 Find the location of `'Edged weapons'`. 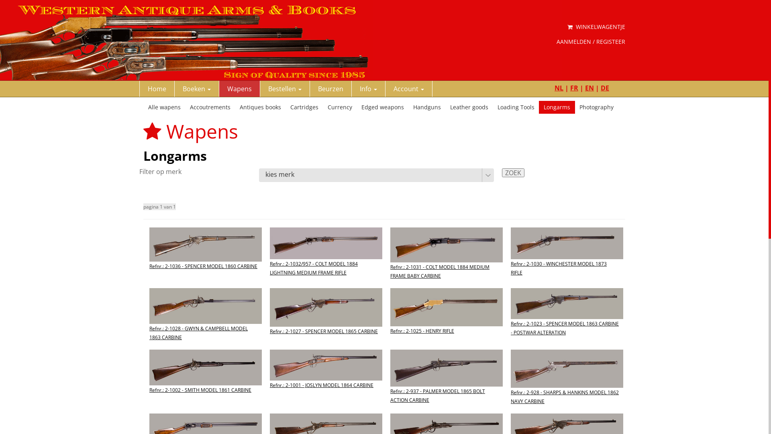

'Edged weapons' is located at coordinates (382, 106).